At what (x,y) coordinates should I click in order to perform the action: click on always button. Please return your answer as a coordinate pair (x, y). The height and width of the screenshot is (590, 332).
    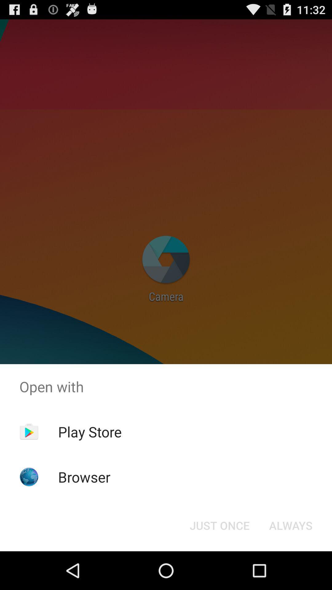
    Looking at the image, I should click on (290, 525).